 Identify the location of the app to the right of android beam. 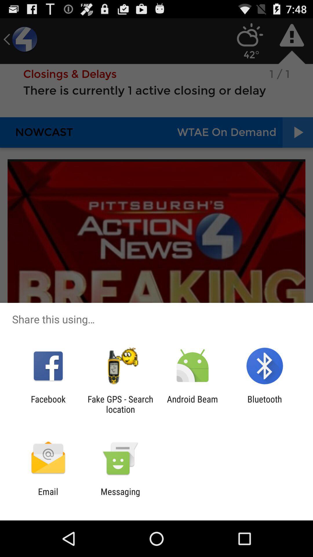
(265, 404).